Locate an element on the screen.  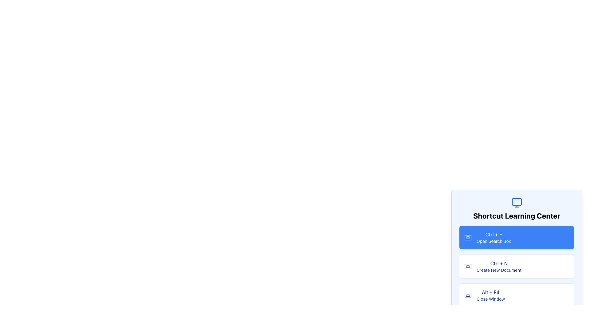
the text element that reads 'Ctrl + N', which provides a keyboard shortcut instruction in a medium blue font, located in the Shortcut Learning Center is located at coordinates (499, 266).